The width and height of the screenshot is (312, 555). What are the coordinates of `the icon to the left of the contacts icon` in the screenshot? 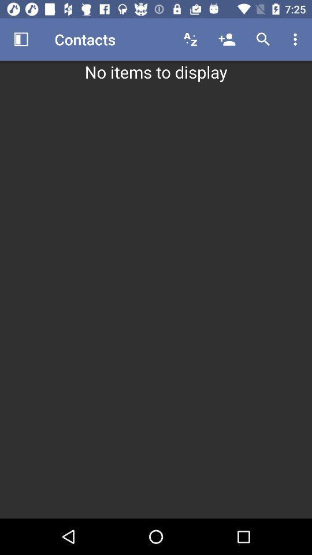 It's located at (21, 39).